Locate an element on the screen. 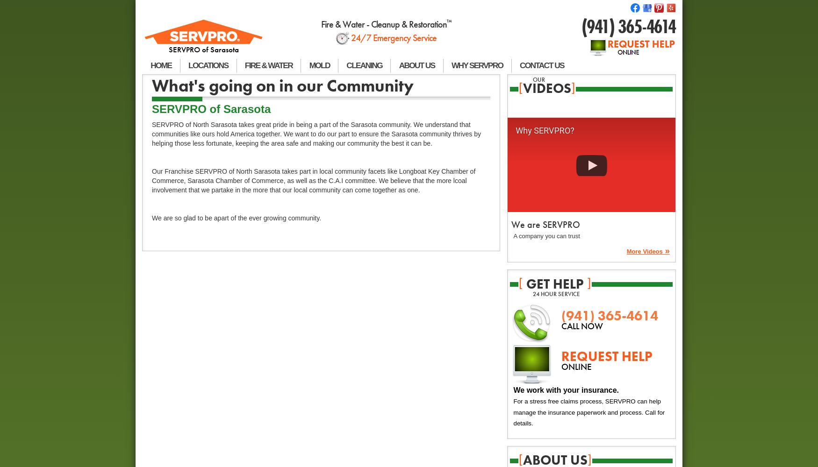  'our' is located at coordinates (538, 79).